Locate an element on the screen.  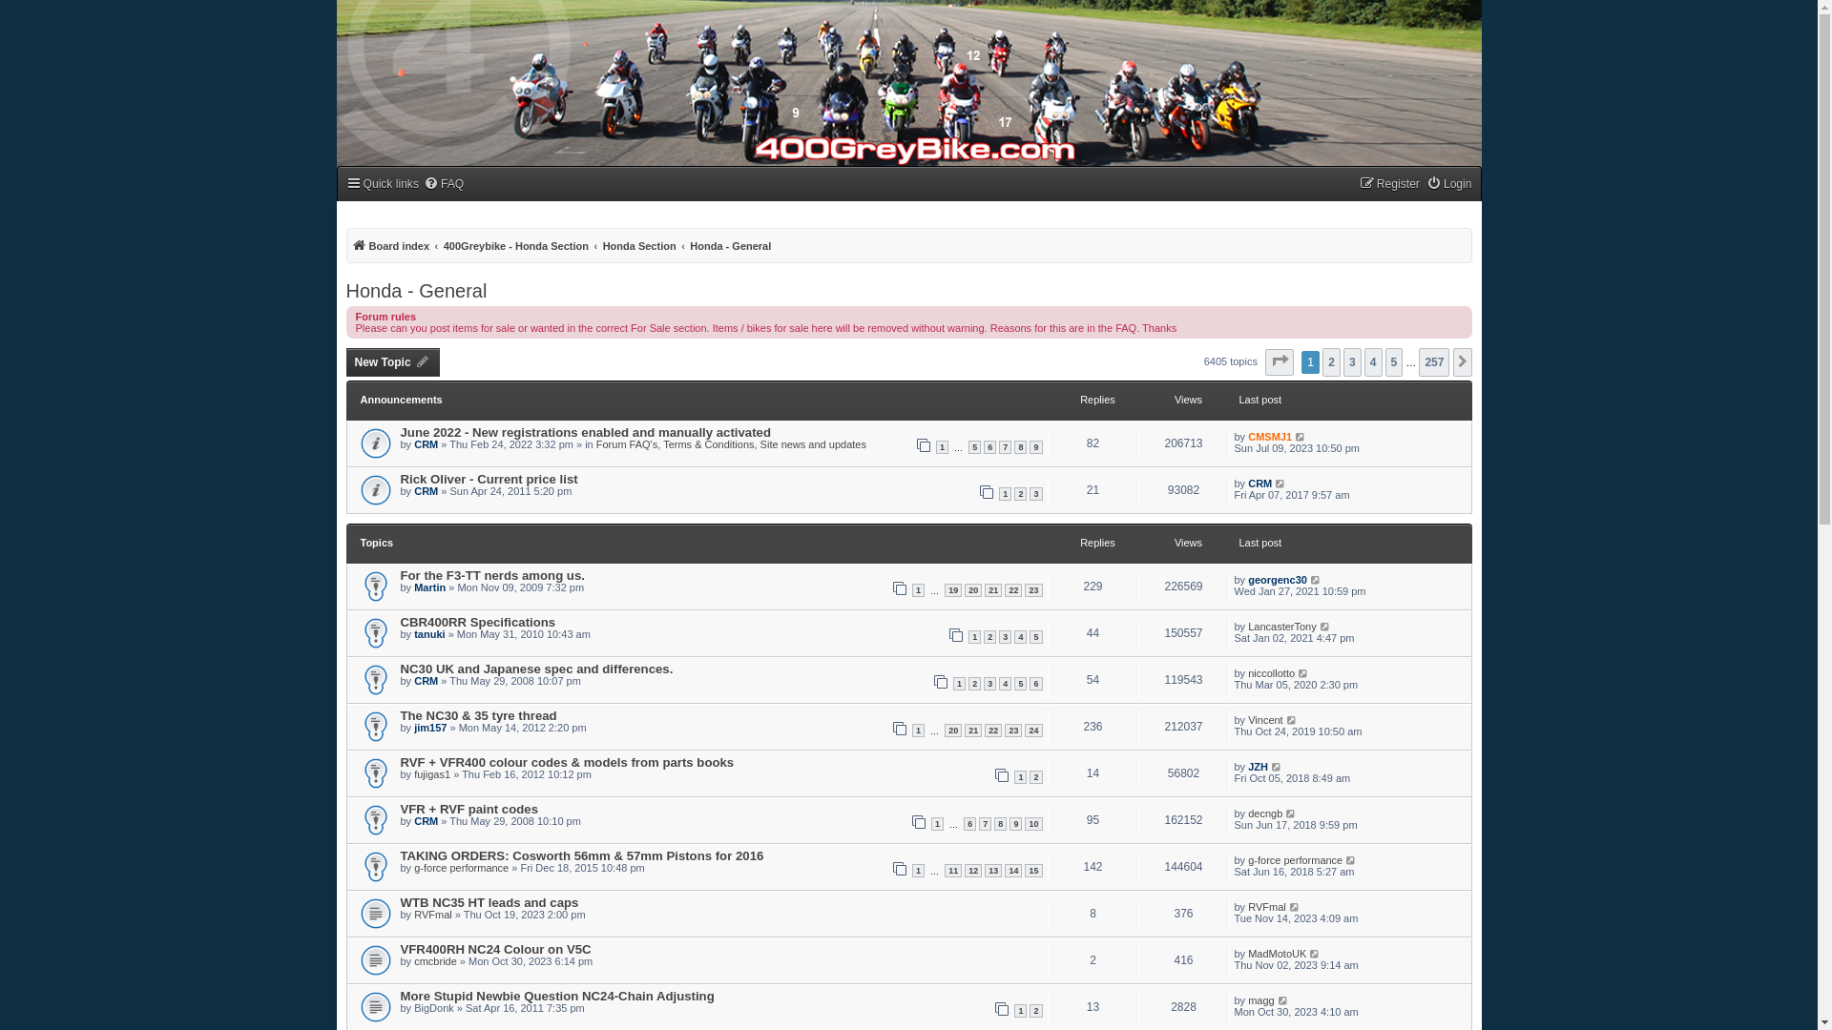
'1' is located at coordinates (935, 447).